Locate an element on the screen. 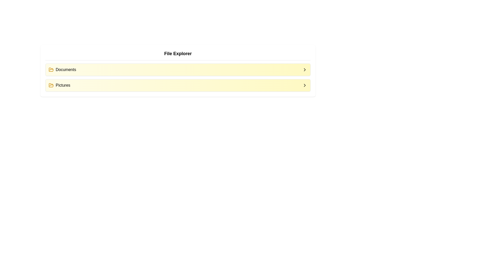  the text label 'Documents' of the list item with an open folder icon is located at coordinates (62, 70).